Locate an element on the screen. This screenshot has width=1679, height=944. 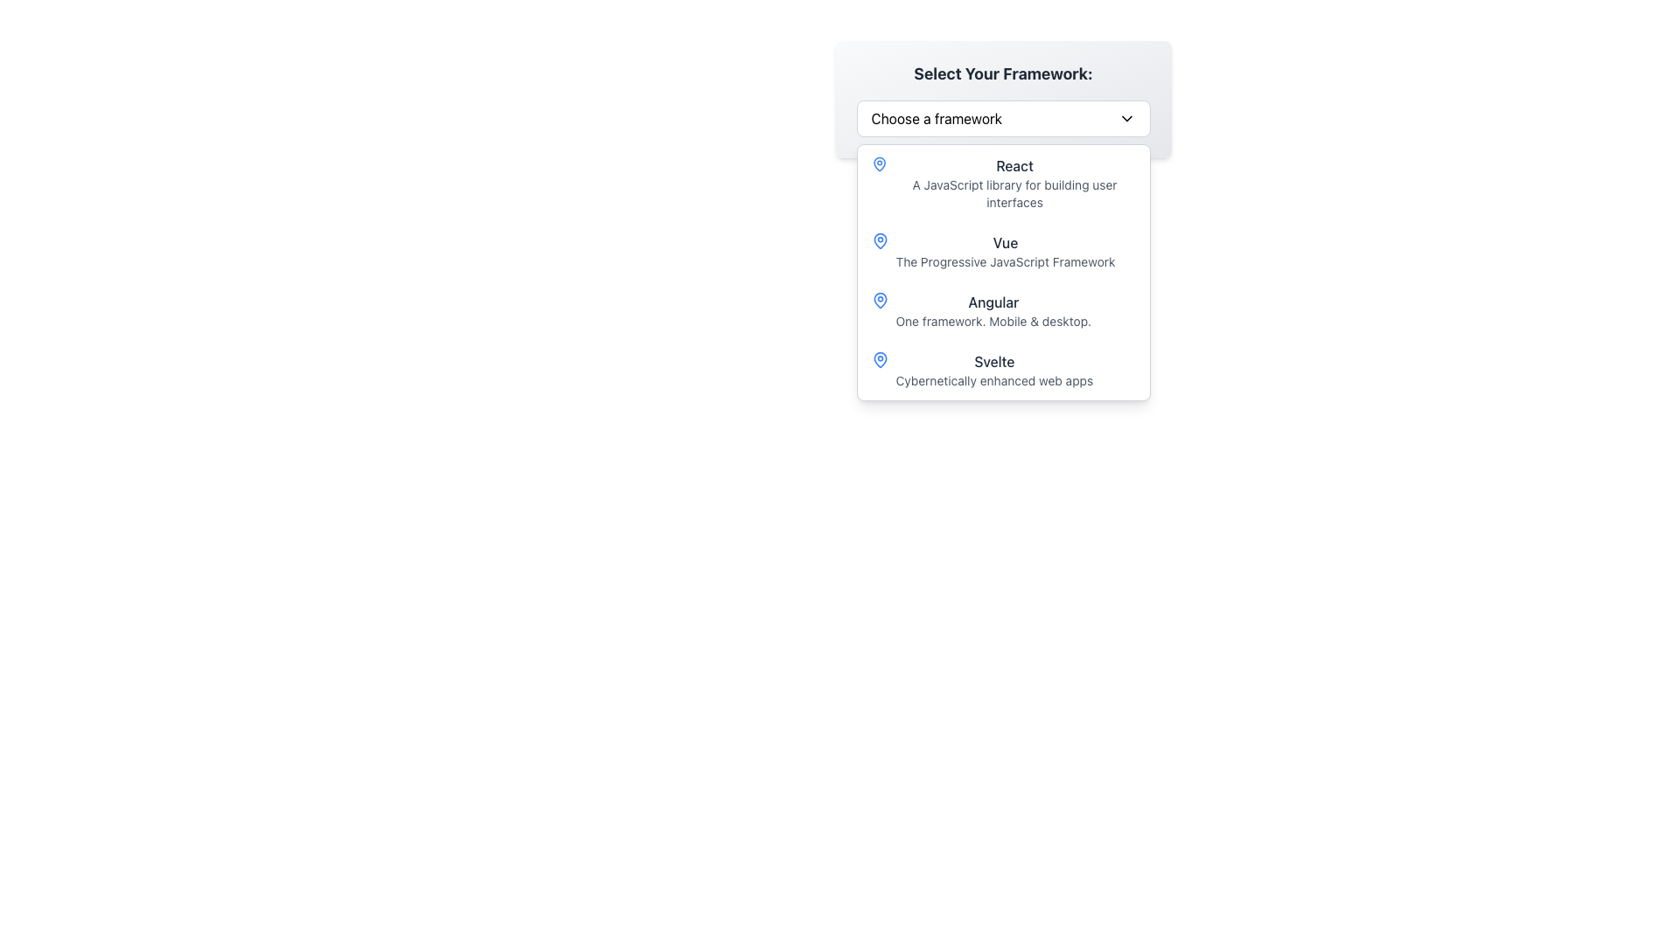
the text element 'Cybernetically enhanced web apps', which is styled in a smaller gray font and positioned below the title 'Svelte' in the dropdown menu section is located at coordinates (994, 379).